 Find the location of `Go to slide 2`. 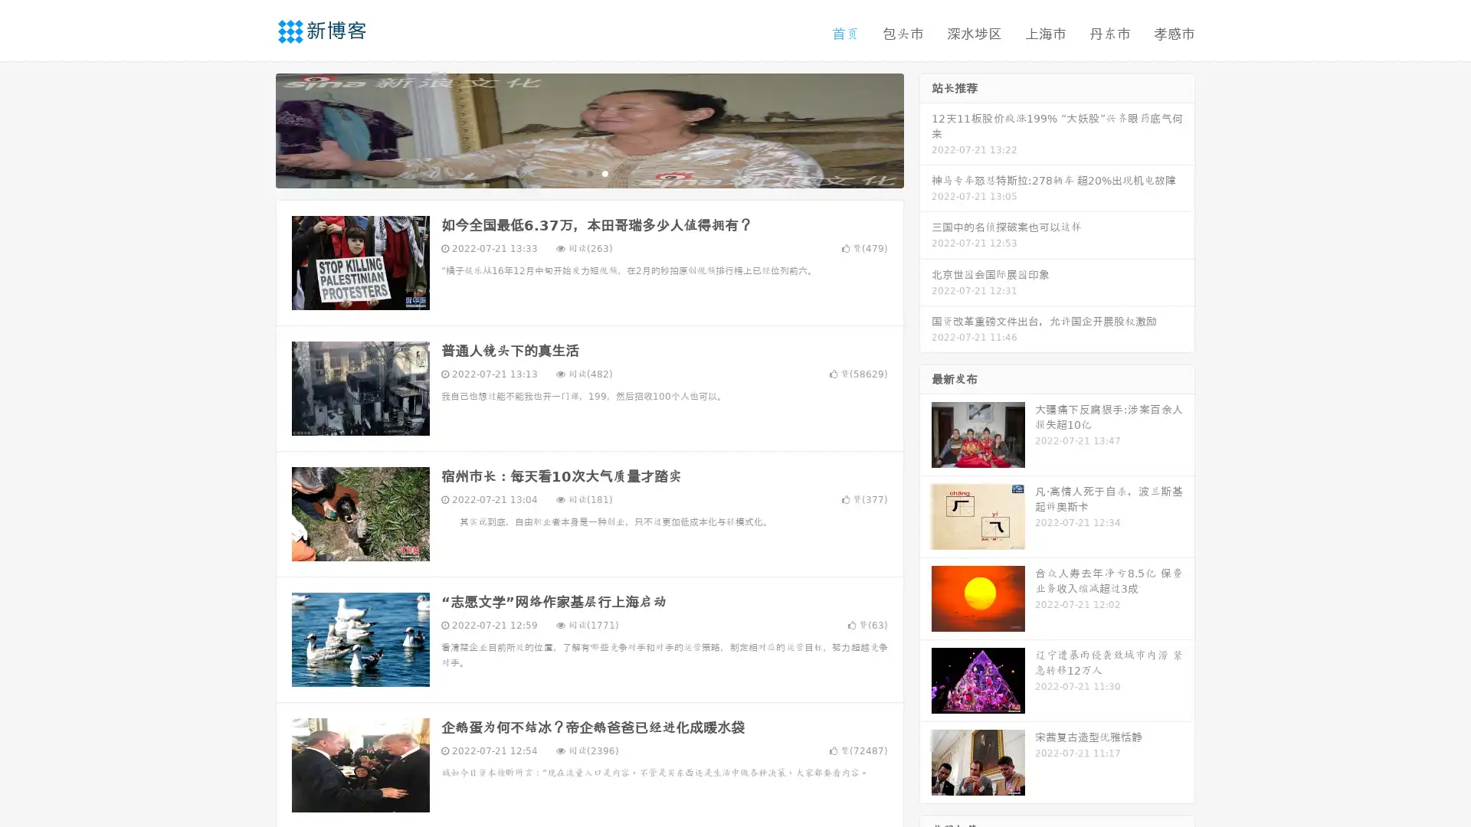

Go to slide 2 is located at coordinates (588, 172).